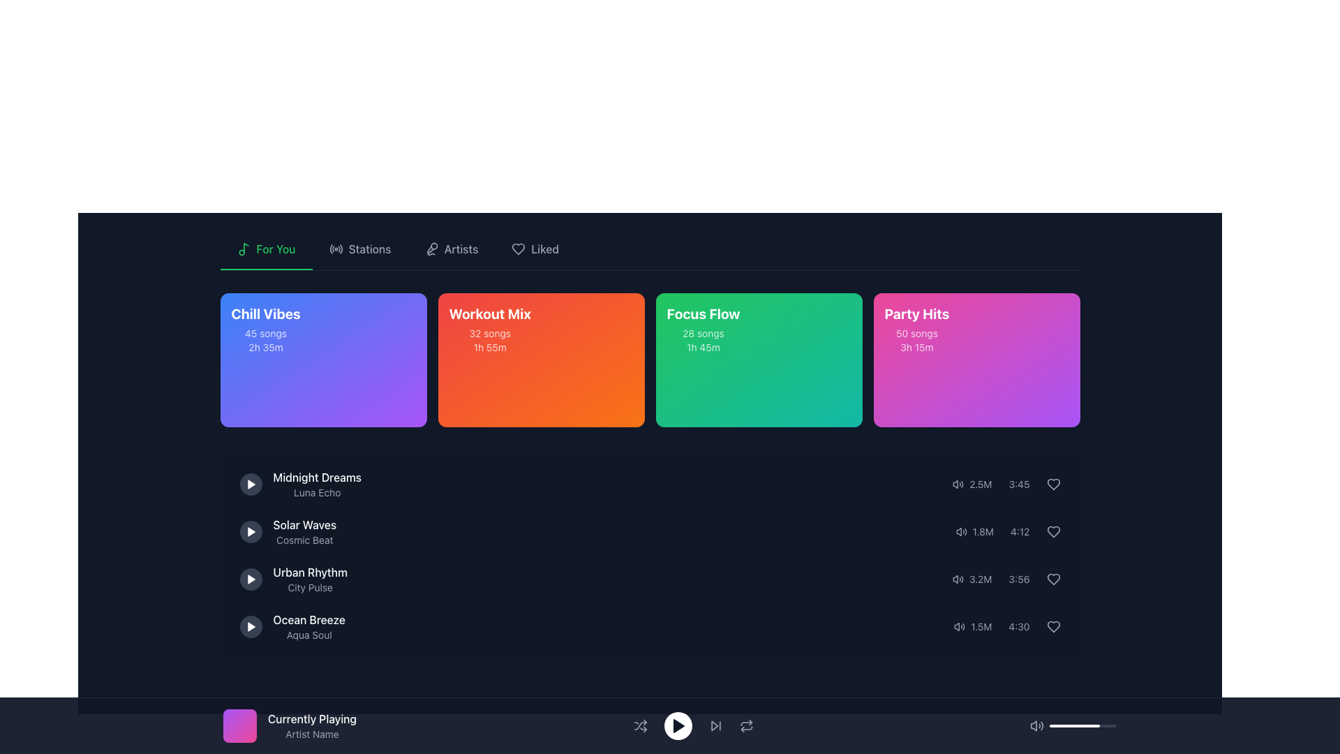 This screenshot has height=754, width=1340. What do you see at coordinates (401, 323) in the screenshot?
I see `the circular green play button located at the upper-right corner of the 'Chill Vibes' card to initiate playback` at bounding box center [401, 323].